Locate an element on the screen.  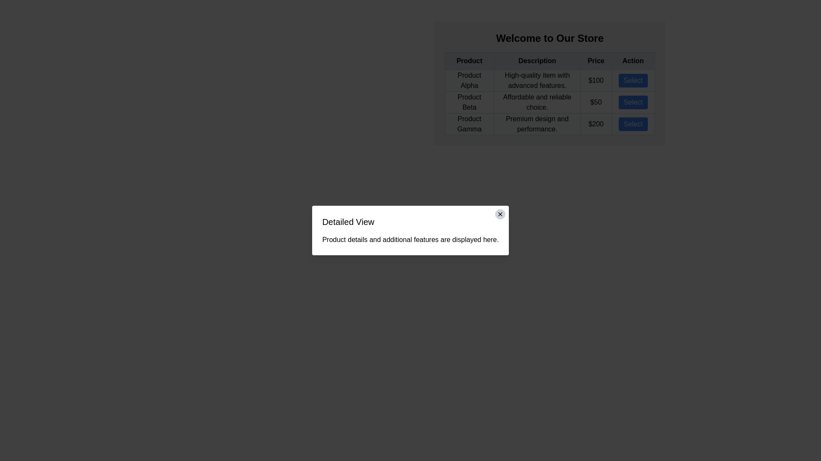
the 'Product Gamma' row in the table is located at coordinates (550, 124).